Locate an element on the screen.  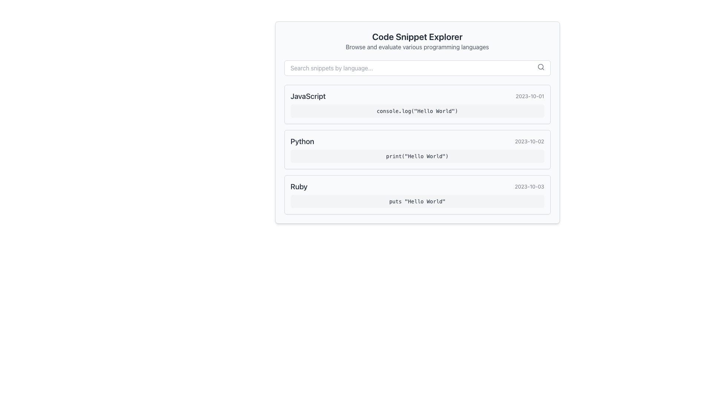
the Code Snippet Display Block that contains the programming code snippet 'print("Hello World")', which is positioned between the JavaScript and Ruby snippets in a vertically stacked list is located at coordinates (417, 150).